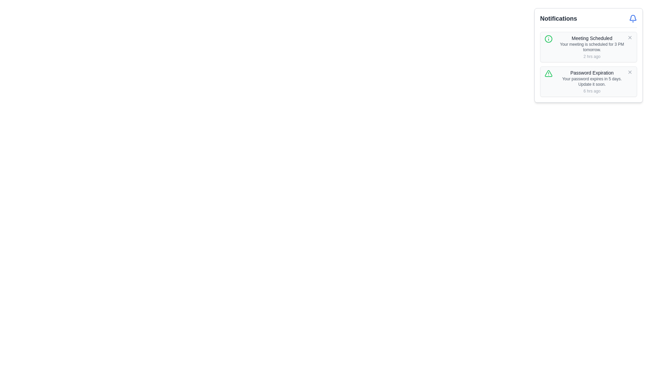 The height and width of the screenshot is (366, 651). I want to click on the timestamp text located in the bottom right corner of the 'Password Expiration' notification card, so click(592, 91).